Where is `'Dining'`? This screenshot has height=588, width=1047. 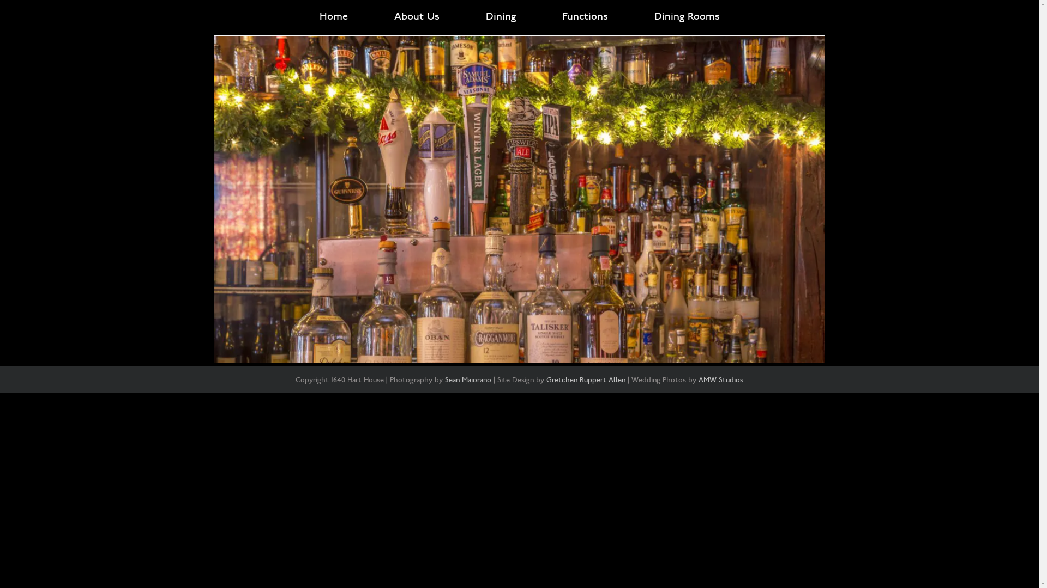 'Dining' is located at coordinates (500, 16).